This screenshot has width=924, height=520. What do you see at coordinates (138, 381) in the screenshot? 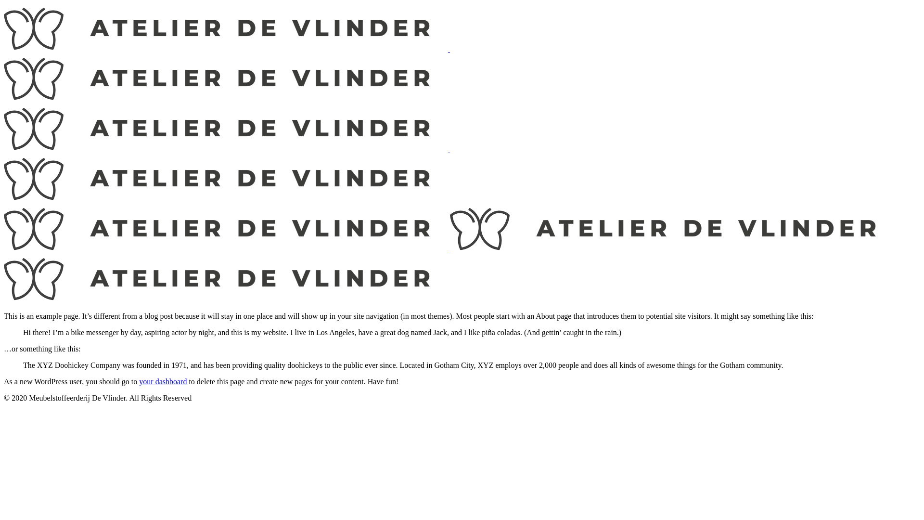
I see `'your dashboard'` at bounding box center [138, 381].